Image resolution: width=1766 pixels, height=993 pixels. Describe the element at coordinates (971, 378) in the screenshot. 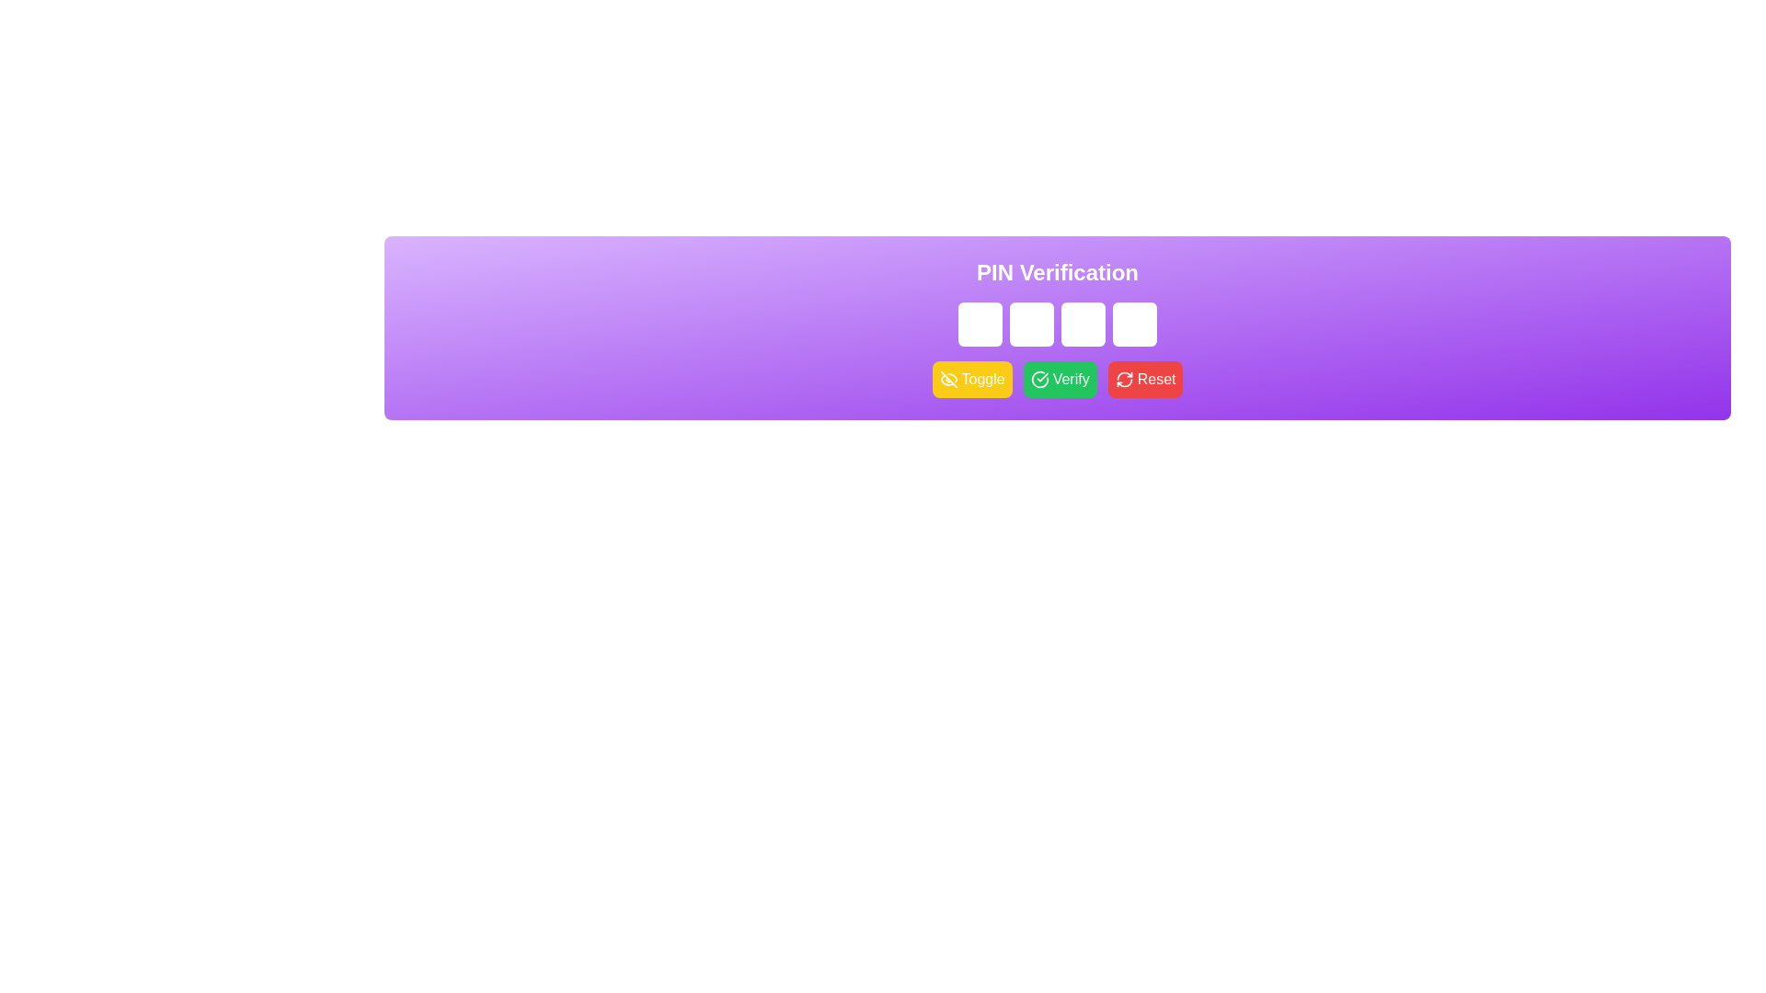

I see `the 'Toggle' button with a yellow background and an eye icon` at that location.